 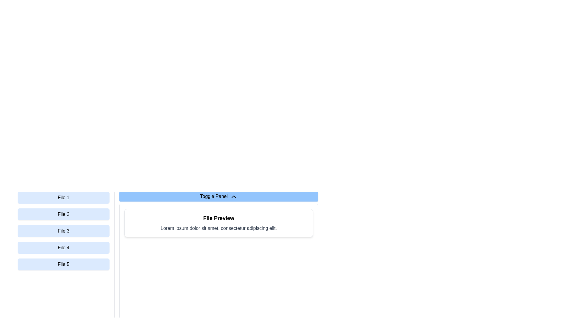 I want to click on the fifth button in the vertical list next to the 'File Preview' panel, so click(x=63, y=264).